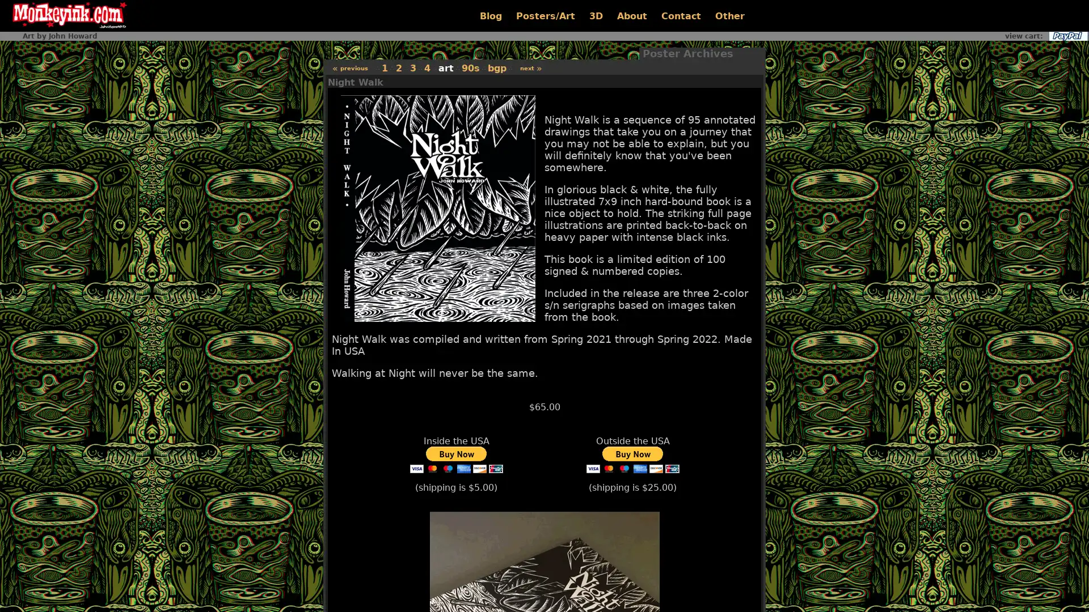 The width and height of the screenshot is (1089, 612). Describe the element at coordinates (631, 460) in the screenshot. I see `PayPal - The safer, easier way to pay online!` at that location.